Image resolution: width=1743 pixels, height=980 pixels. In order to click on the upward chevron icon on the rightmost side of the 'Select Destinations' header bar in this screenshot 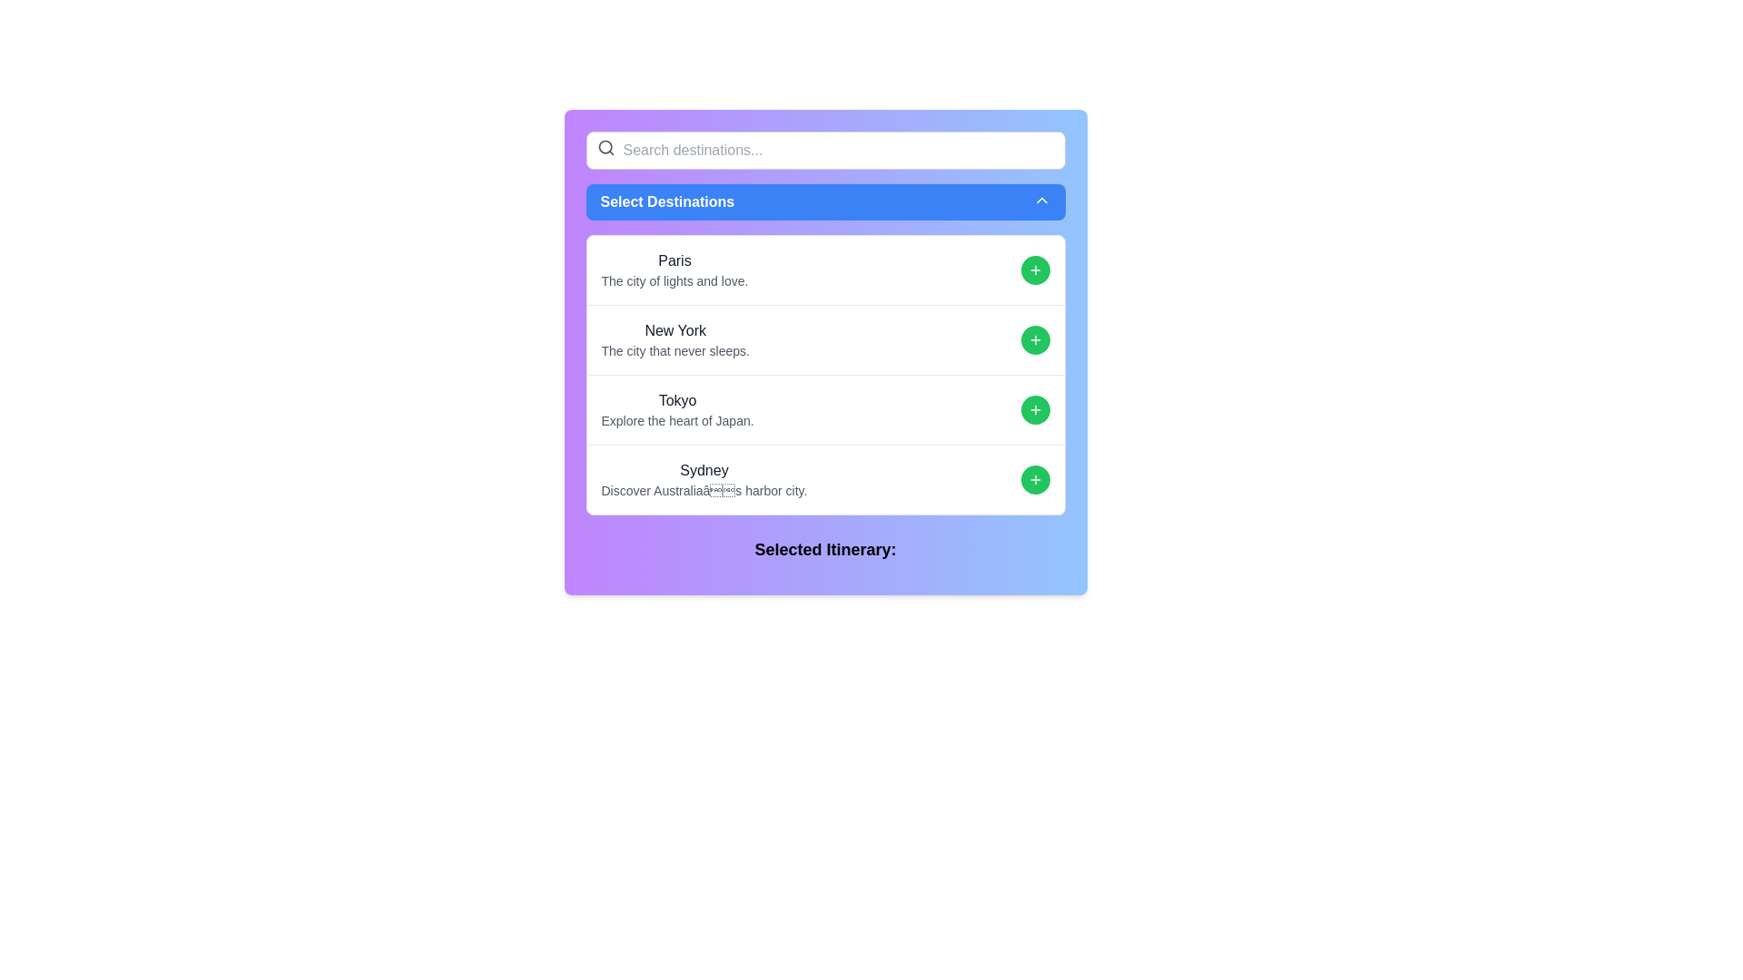, I will do `click(1041, 200)`.